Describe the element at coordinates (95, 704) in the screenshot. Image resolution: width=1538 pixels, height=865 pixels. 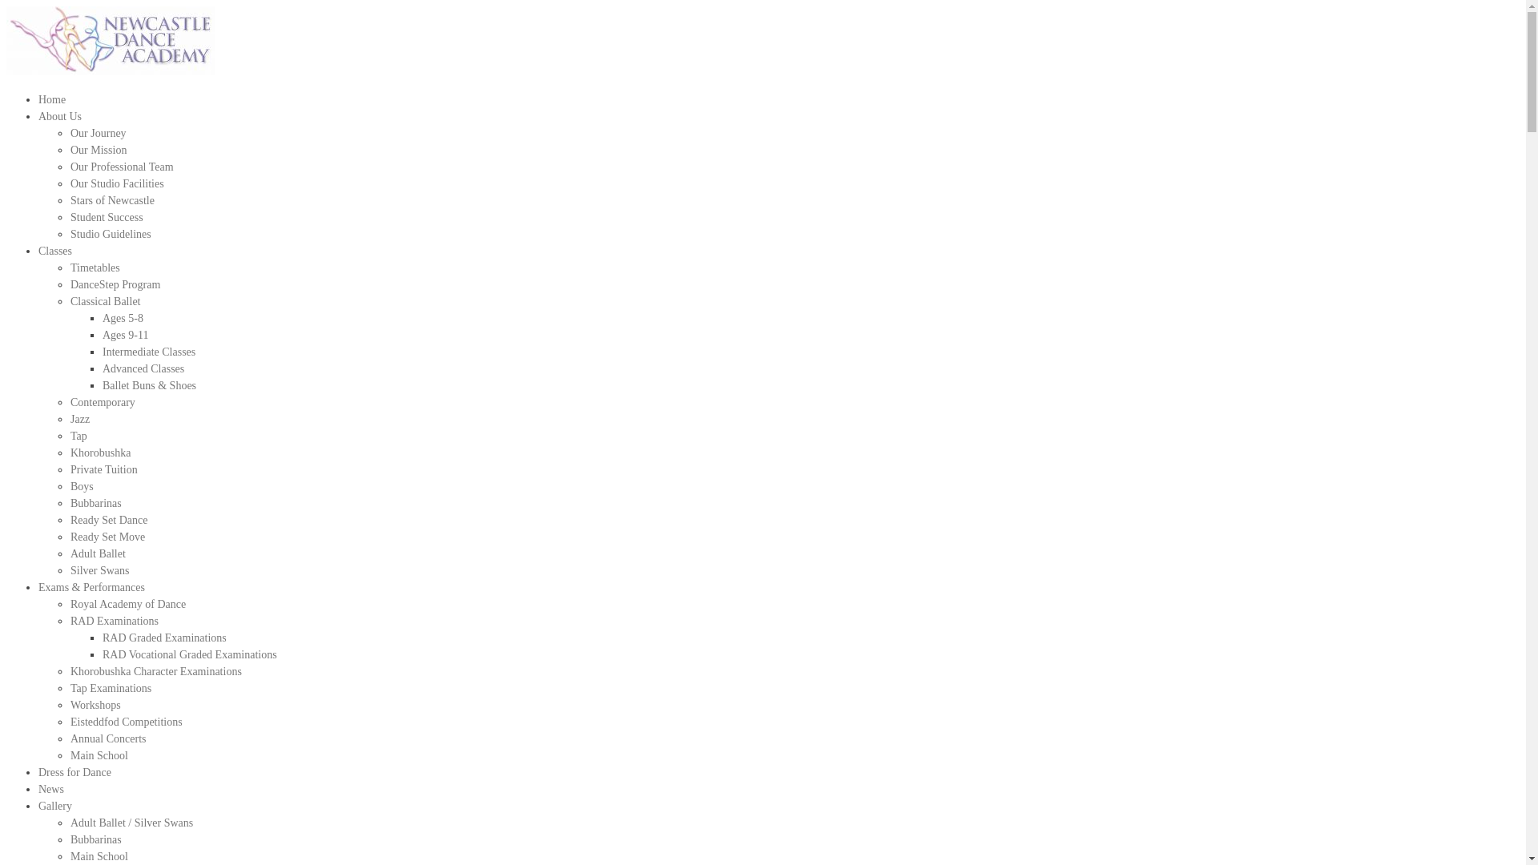
I see `'Workshops'` at that location.